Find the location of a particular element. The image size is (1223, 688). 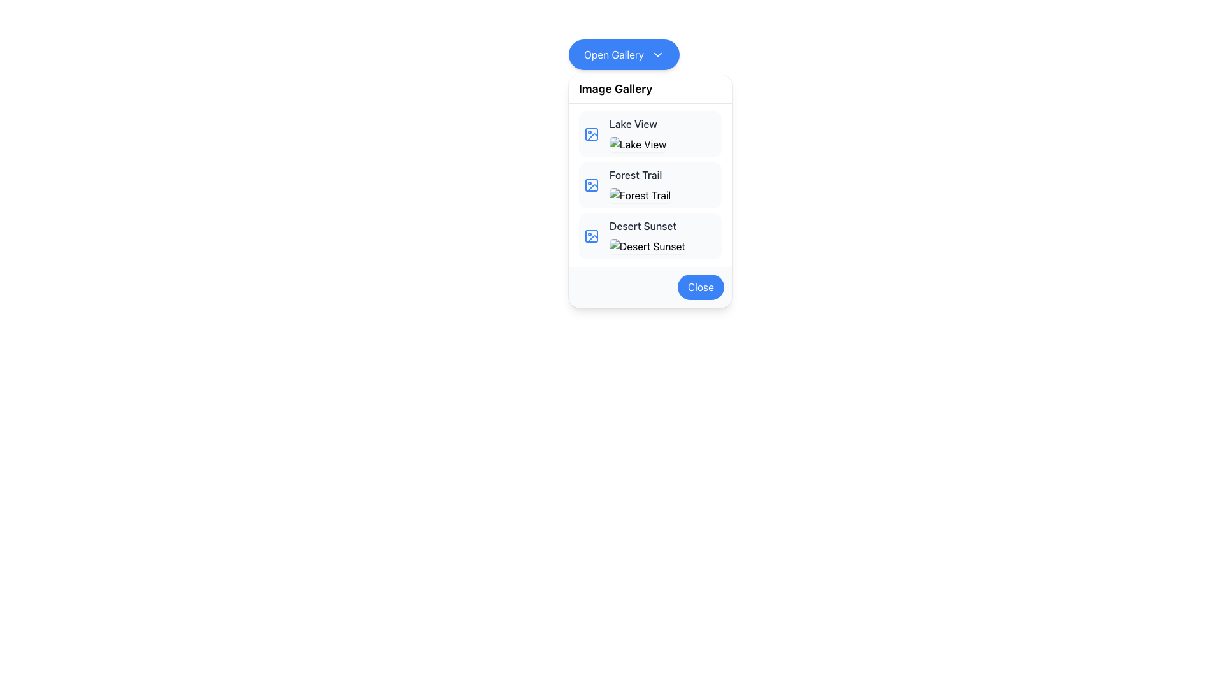

the text label displaying 'Desert Sunset' in the Image Gallery popup, located as the third item in the list is located at coordinates (647, 225).